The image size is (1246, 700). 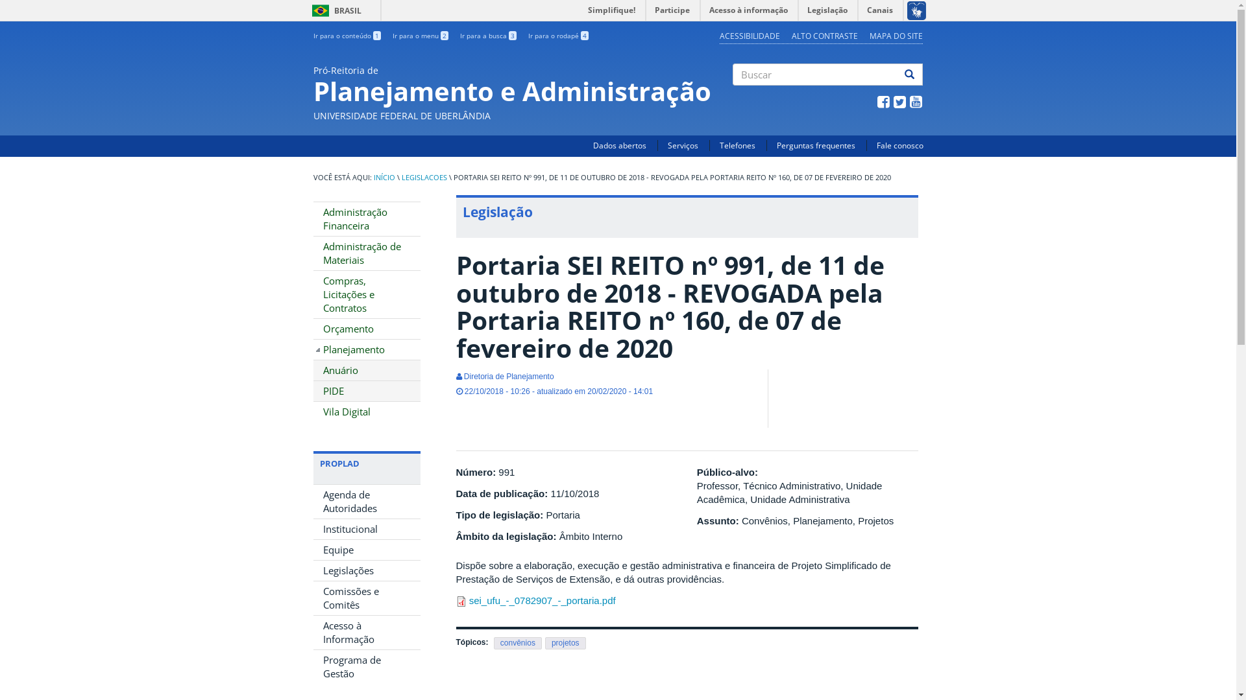 What do you see at coordinates (619, 145) in the screenshot?
I see `'Dados abertos'` at bounding box center [619, 145].